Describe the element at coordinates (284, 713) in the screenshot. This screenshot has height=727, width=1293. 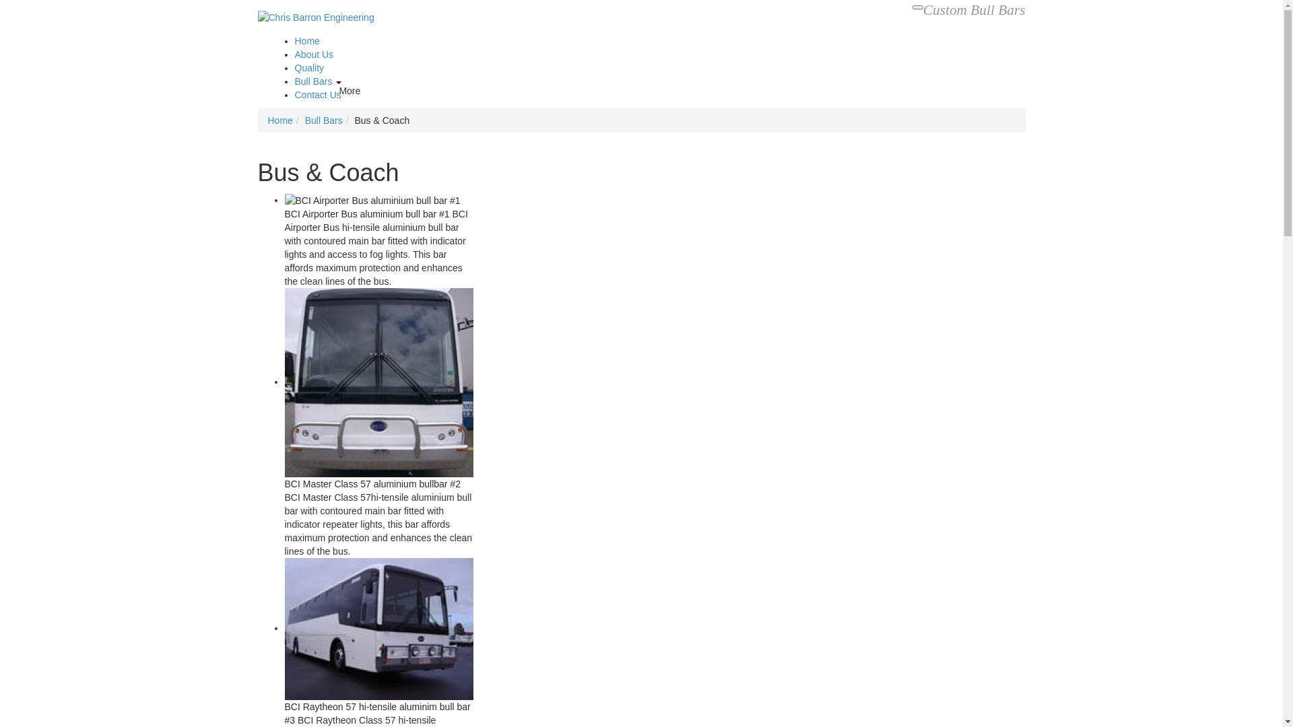
I see `'BCI Raytheon 57 hi-tensile aluminim bull bar #3'` at that location.